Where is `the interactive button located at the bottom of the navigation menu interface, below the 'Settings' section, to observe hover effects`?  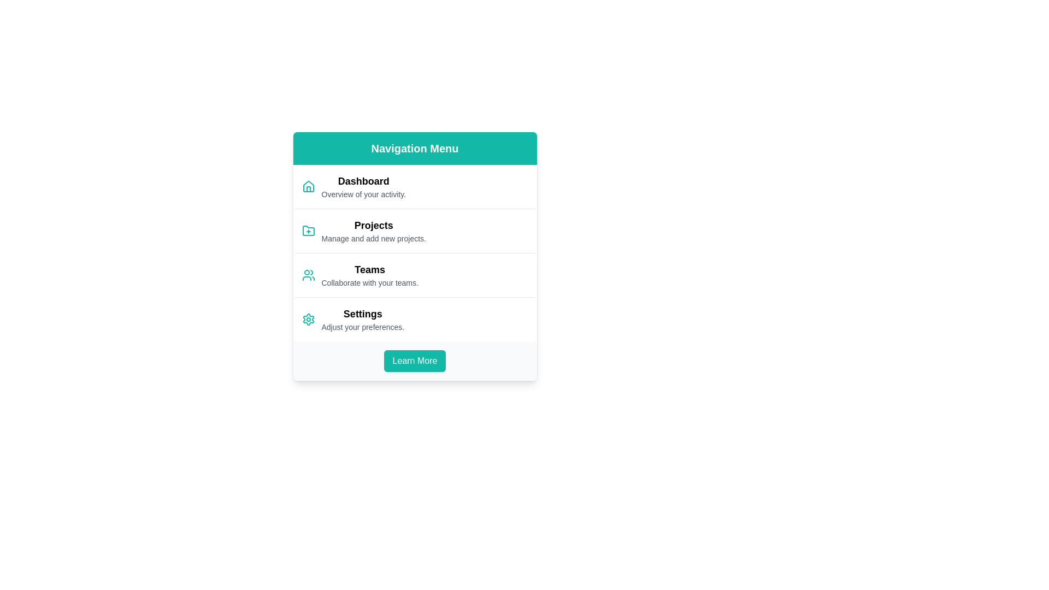
the interactive button located at the bottom of the navigation menu interface, below the 'Settings' section, to observe hover effects is located at coordinates (414, 361).